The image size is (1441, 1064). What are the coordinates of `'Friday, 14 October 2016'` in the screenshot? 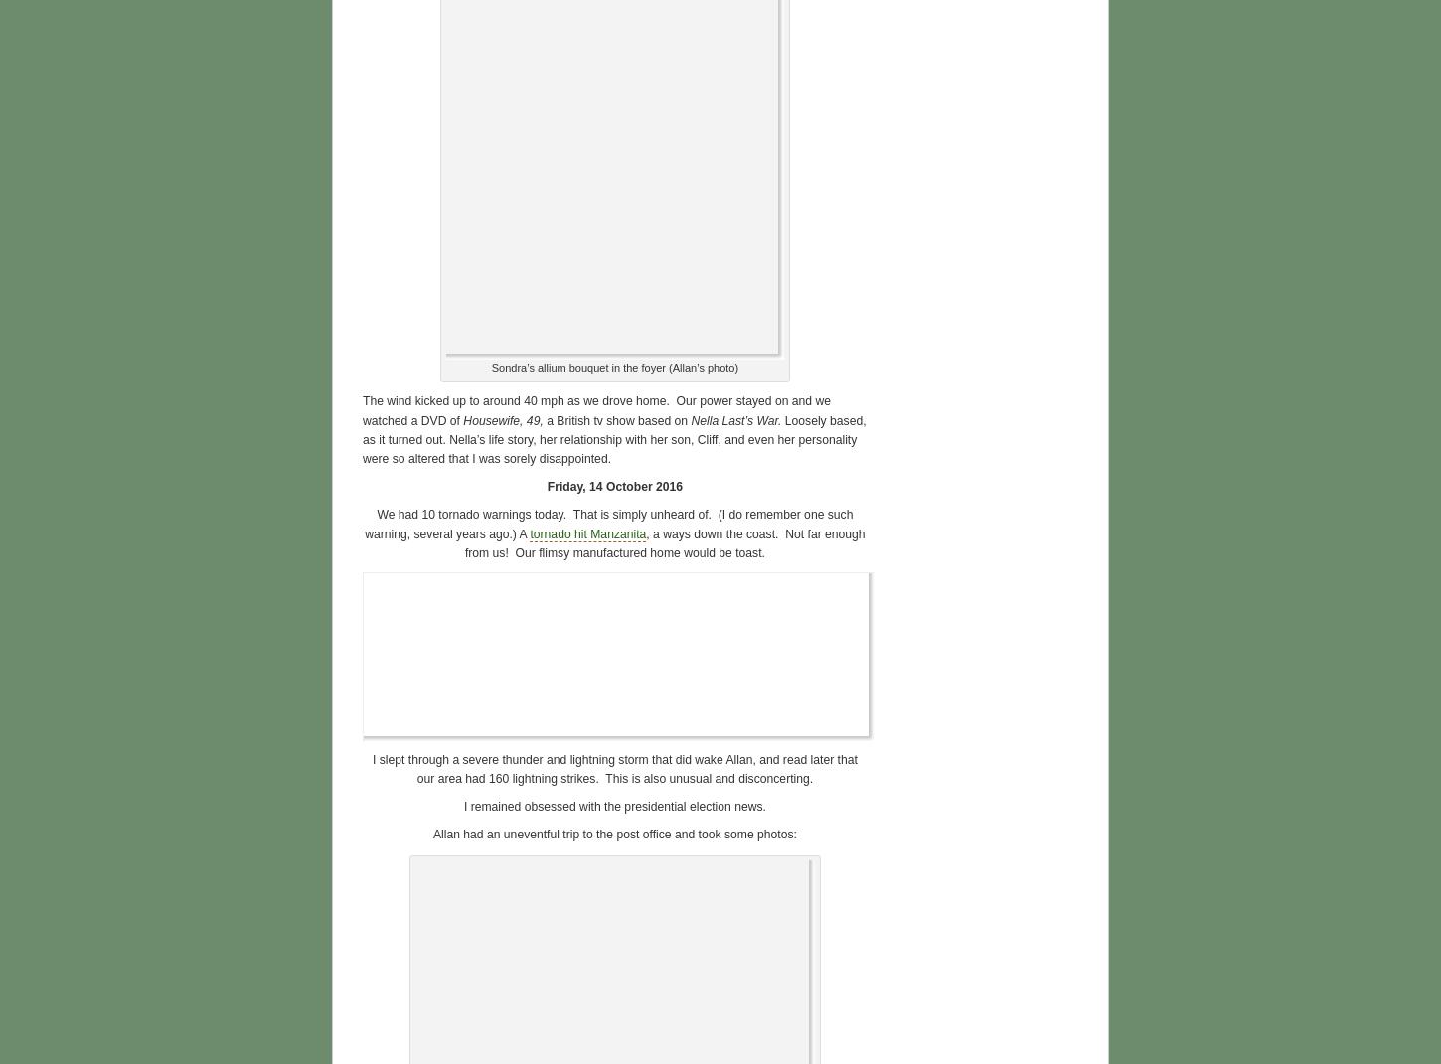 It's located at (613, 485).